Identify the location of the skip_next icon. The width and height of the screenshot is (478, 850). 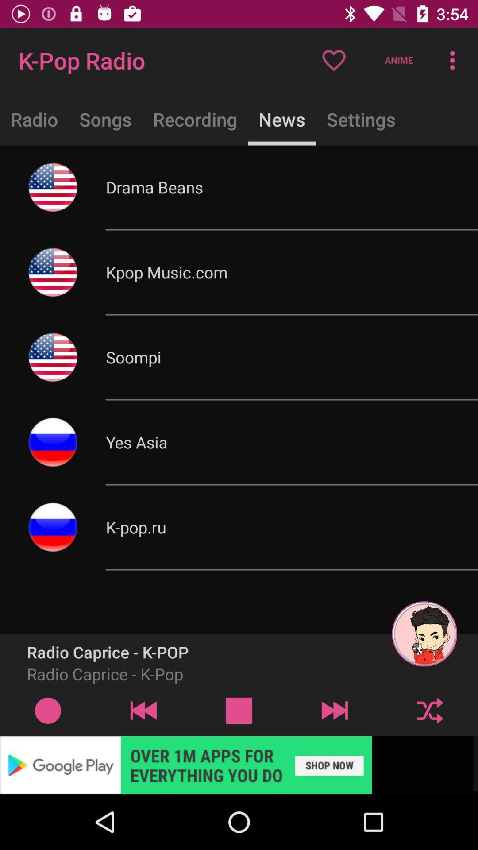
(335, 710).